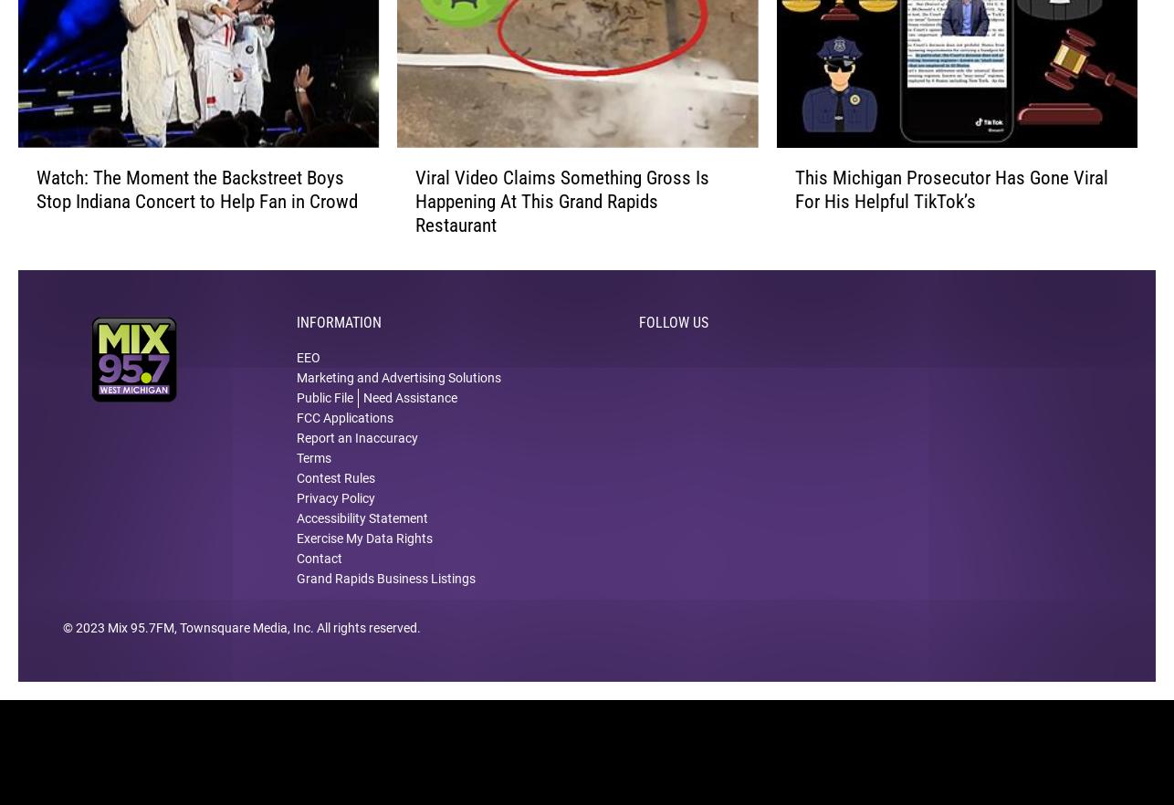  What do you see at coordinates (343, 441) in the screenshot?
I see `'FCC Applications'` at bounding box center [343, 441].